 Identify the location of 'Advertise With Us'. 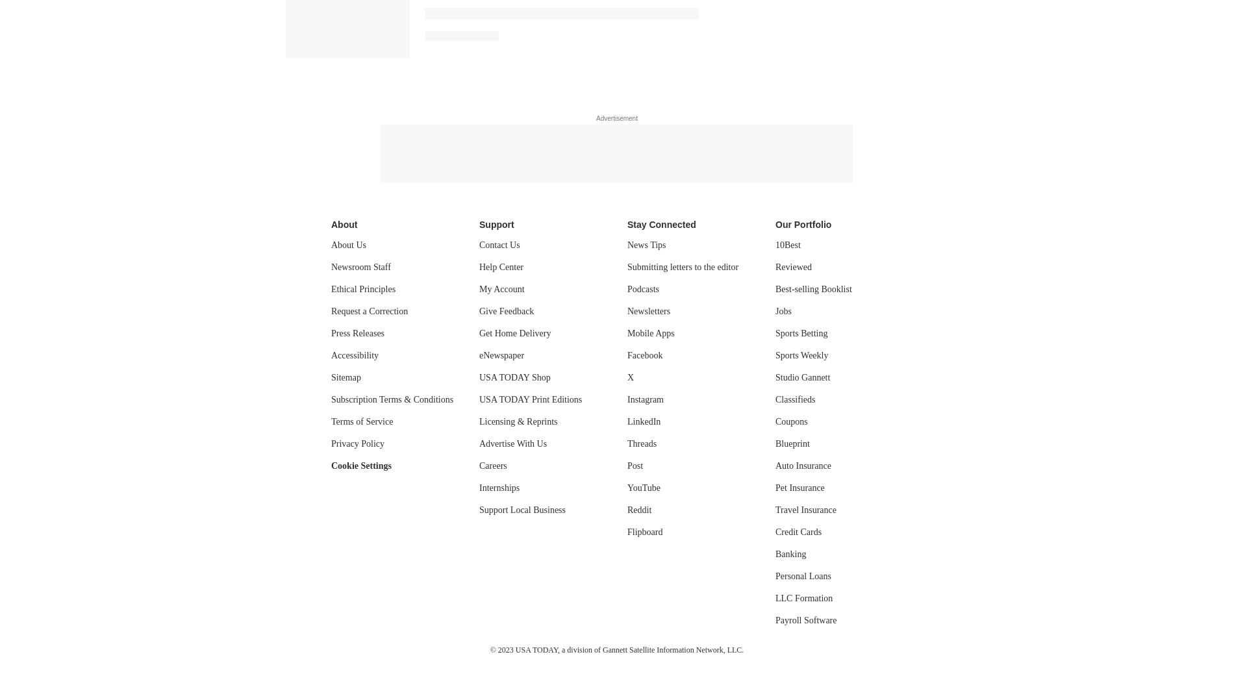
(512, 443).